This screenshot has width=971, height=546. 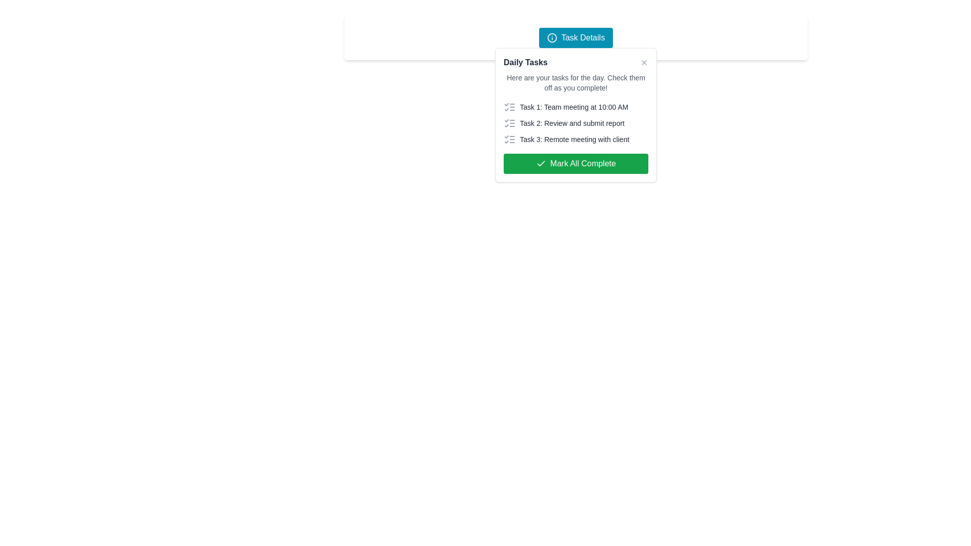 I want to click on to interact with the first task item in the Daily Tasks list located at the top of the task management popup, so click(x=576, y=107).